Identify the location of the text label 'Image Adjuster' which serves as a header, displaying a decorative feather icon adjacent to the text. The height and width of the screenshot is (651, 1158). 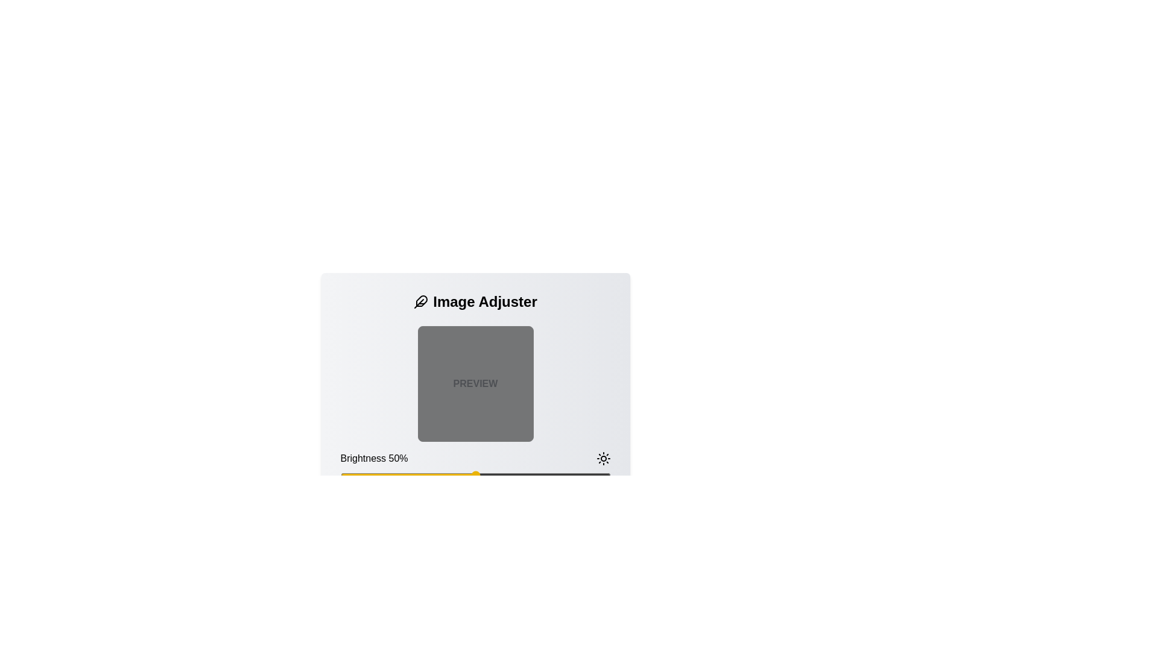
(475, 301).